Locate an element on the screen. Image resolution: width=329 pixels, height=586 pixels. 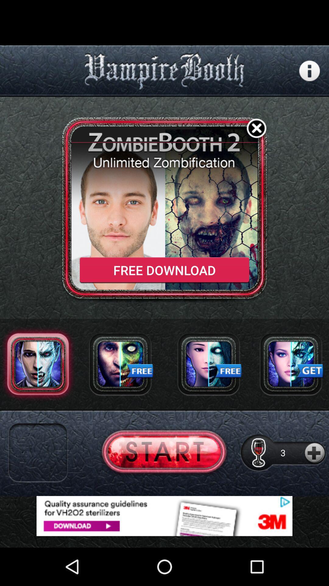
the close icon is located at coordinates (38, 484).